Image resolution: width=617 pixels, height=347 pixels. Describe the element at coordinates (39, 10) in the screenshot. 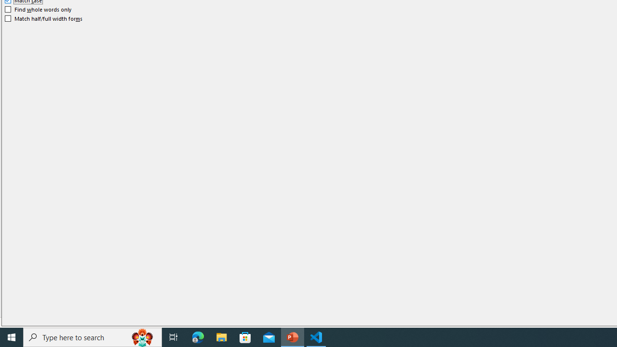

I see `'Find whole words only'` at that location.